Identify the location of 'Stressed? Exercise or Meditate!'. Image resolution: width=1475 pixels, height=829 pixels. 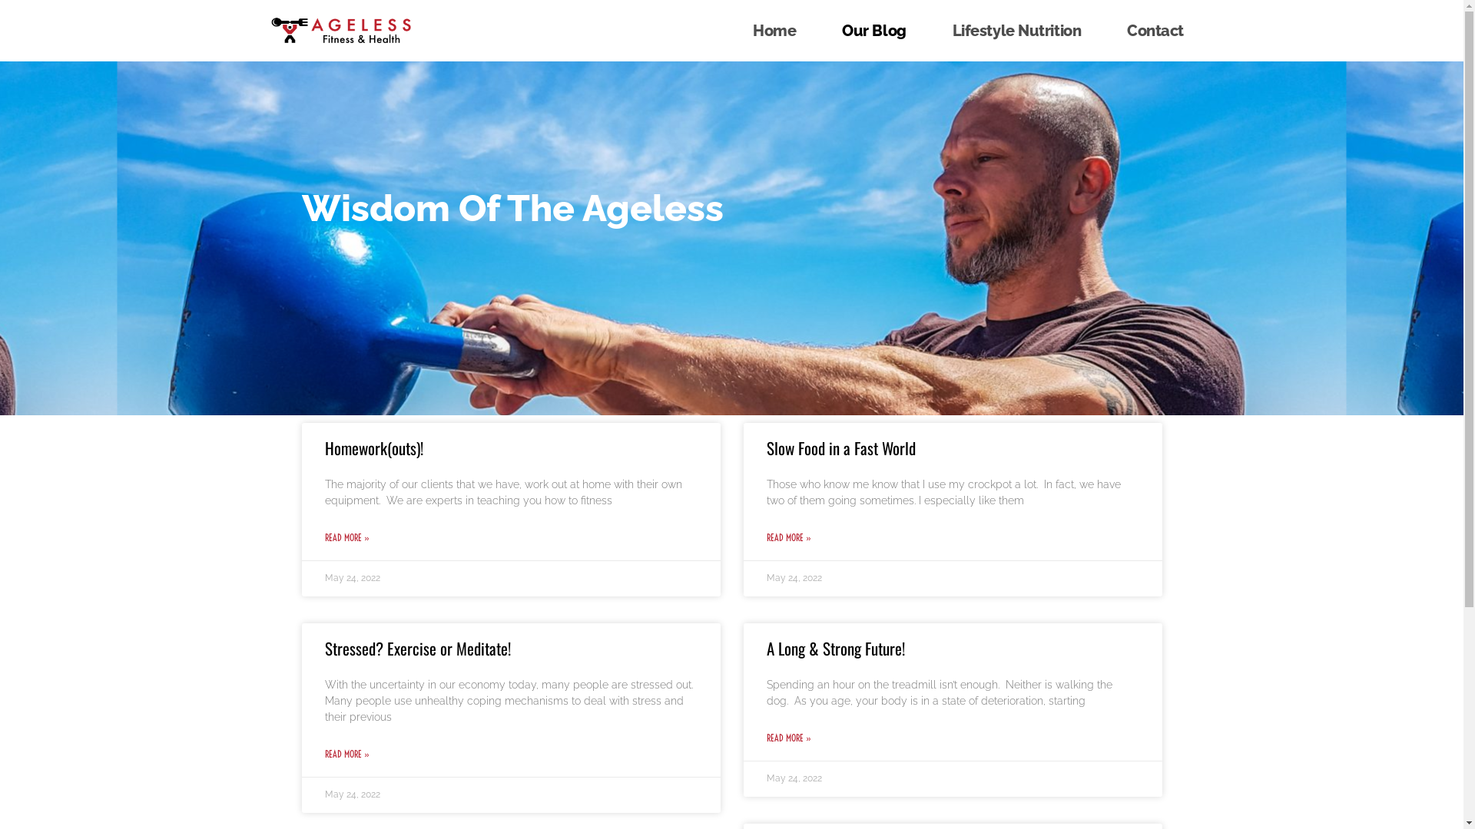
(416, 648).